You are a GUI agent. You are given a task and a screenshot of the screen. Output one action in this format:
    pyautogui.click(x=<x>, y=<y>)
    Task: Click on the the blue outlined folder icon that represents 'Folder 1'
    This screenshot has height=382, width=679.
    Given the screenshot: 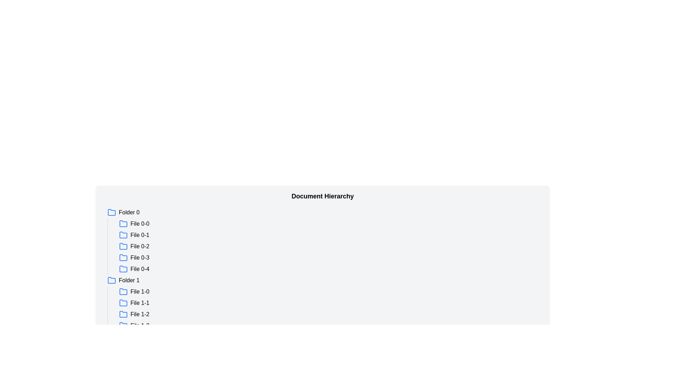 What is the action you would take?
    pyautogui.click(x=111, y=280)
    